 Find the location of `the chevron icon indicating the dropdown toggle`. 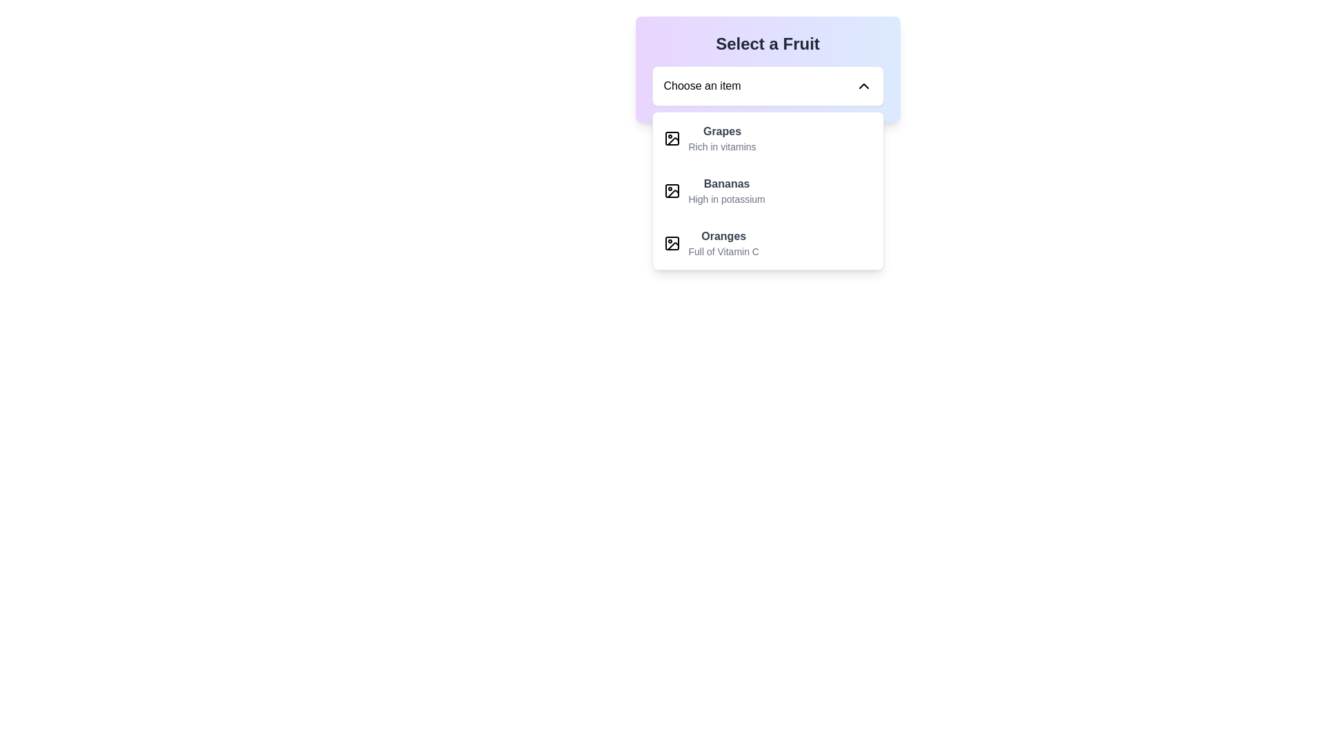

the chevron icon indicating the dropdown toggle is located at coordinates (863, 86).